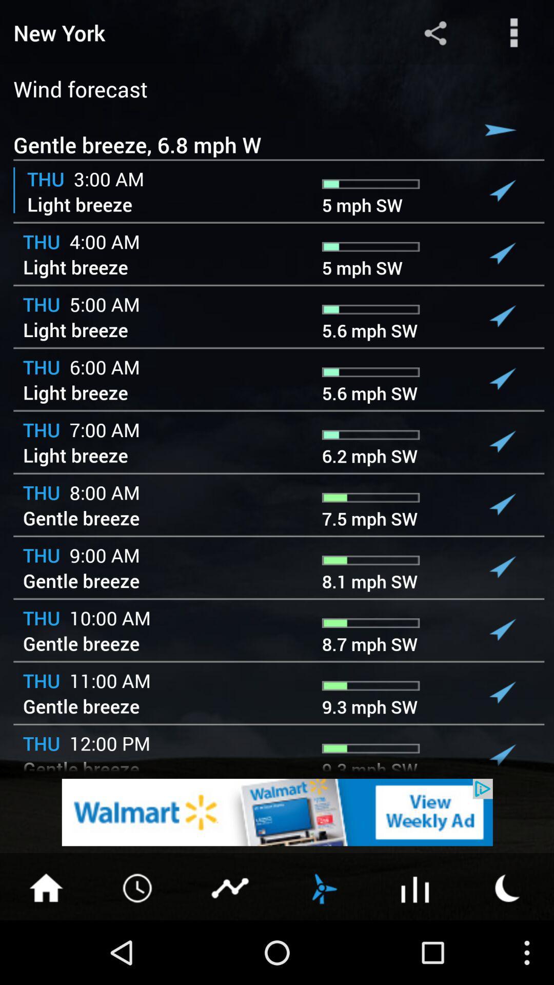 The width and height of the screenshot is (554, 985). What do you see at coordinates (508, 949) in the screenshot?
I see `the weather icon` at bounding box center [508, 949].